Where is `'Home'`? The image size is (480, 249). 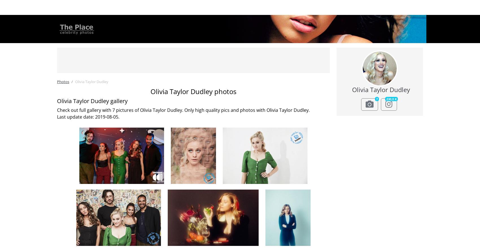
'Home' is located at coordinates (93, 8).